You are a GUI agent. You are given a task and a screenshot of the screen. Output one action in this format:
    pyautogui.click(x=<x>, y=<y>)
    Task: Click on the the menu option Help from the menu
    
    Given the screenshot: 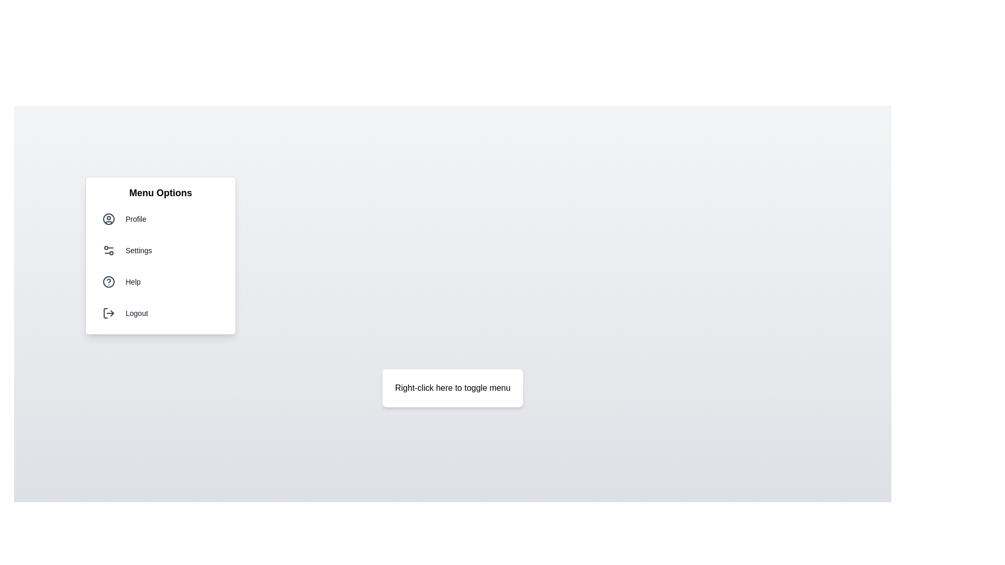 What is the action you would take?
    pyautogui.click(x=160, y=281)
    